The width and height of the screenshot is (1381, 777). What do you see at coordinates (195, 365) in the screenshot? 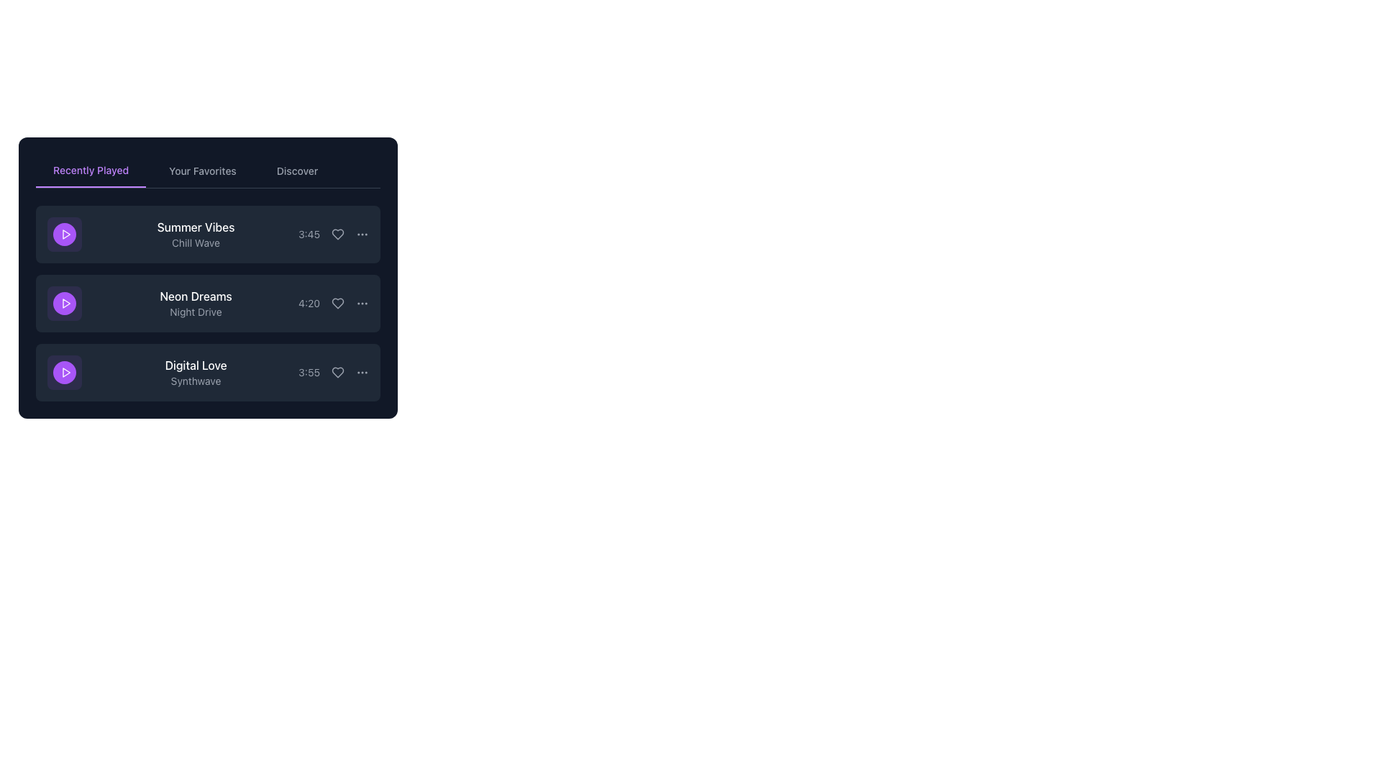
I see `the 'Digital Love' text label displayed in white within a dark rectangular area, which is located above the 'Synthwave' label in the Recently Played section` at bounding box center [195, 365].